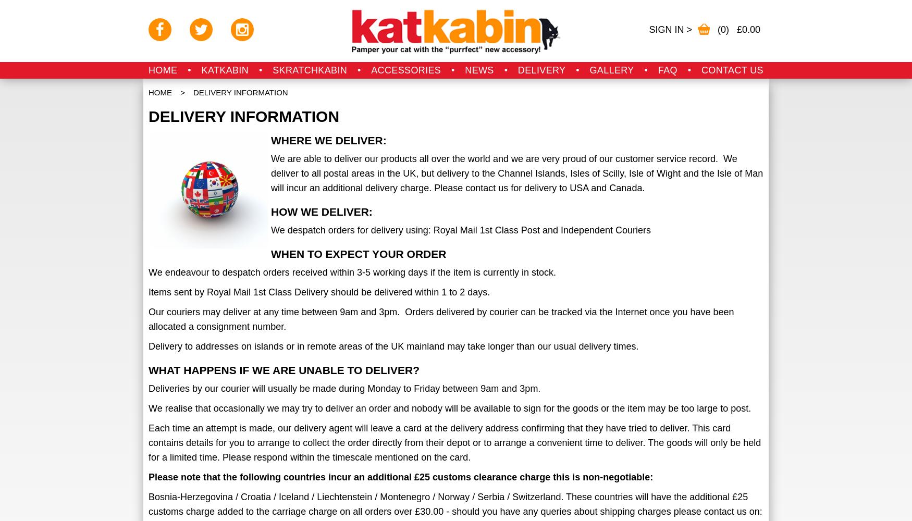  What do you see at coordinates (371, 70) in the screenshot?
I see `'Accessories'` at bounding box center [371, 70].